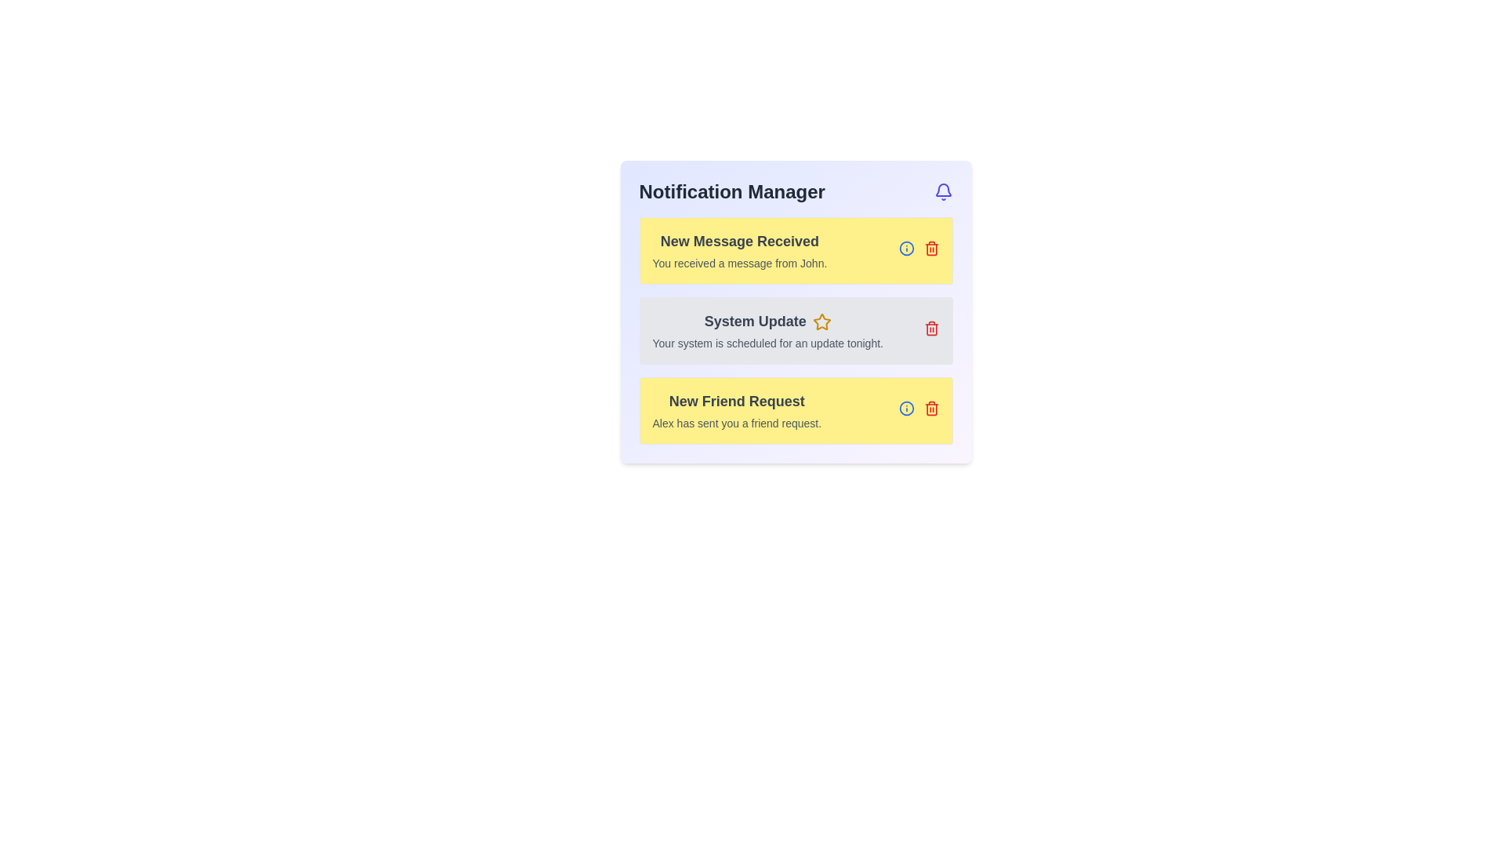  I want to click on the static text display within the 'System Update' notification card, so click(767, 343).